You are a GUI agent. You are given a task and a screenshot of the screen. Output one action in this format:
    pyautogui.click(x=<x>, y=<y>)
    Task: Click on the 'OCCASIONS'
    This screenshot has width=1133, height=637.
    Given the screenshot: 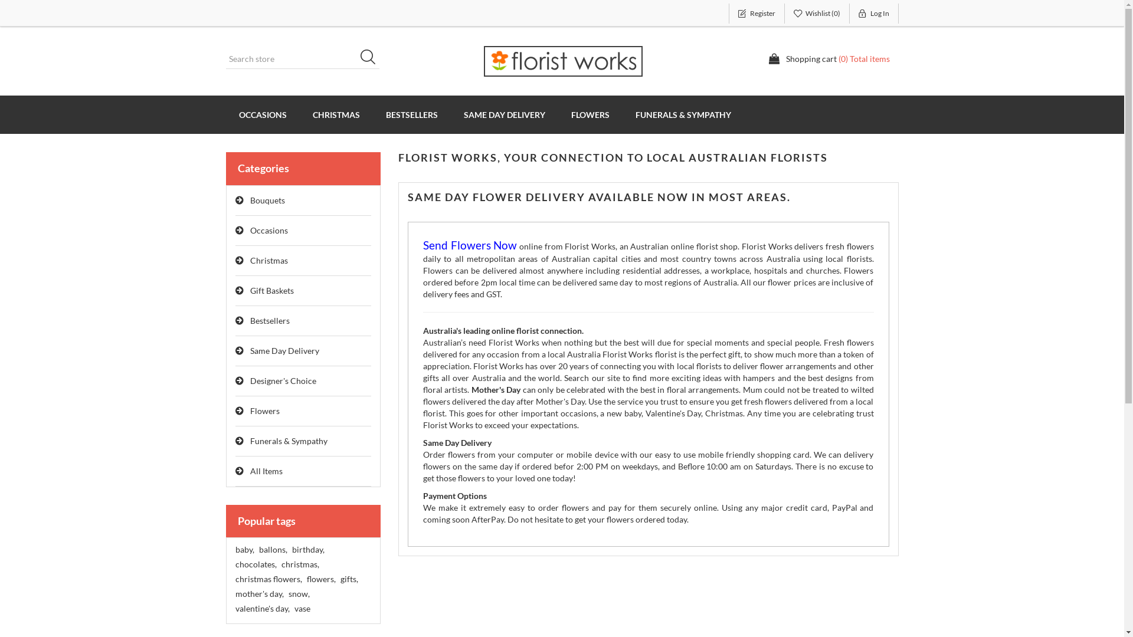 What is the action you would take?
    pyautogui.click(x=225, y=114)
    